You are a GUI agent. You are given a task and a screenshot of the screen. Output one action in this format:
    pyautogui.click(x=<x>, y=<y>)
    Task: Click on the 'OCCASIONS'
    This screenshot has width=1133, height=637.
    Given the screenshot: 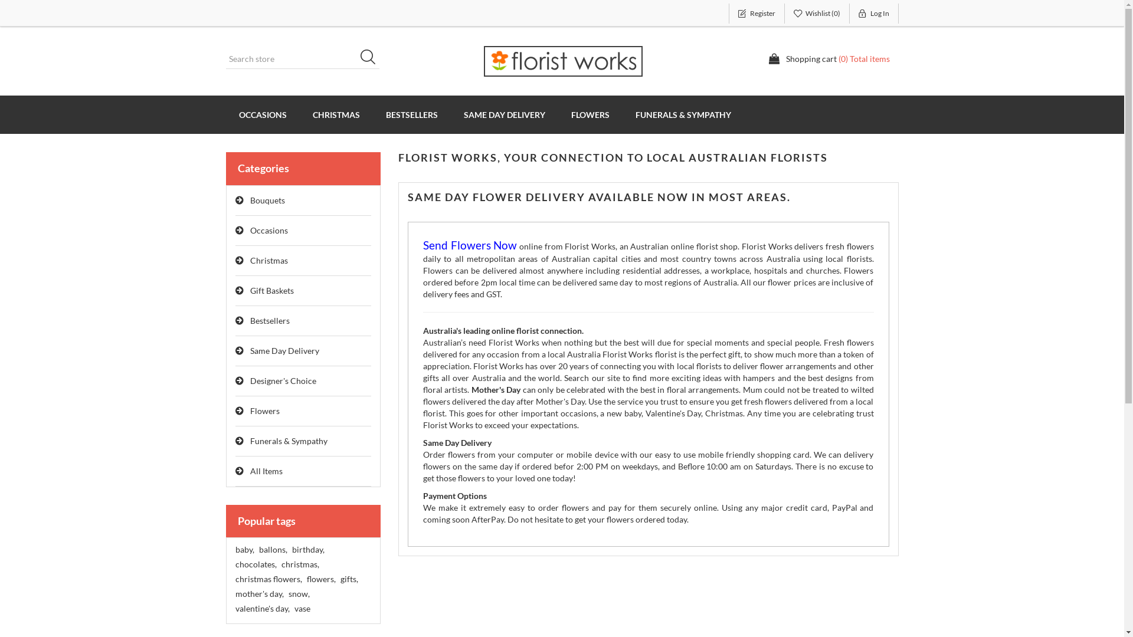 What is the action you would take?
    pyautogui.click(x=225, y=114)
    